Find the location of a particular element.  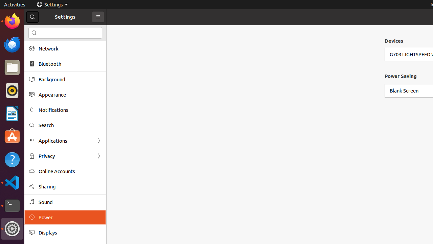

'Privacy' is located at coordinates (65, 156).